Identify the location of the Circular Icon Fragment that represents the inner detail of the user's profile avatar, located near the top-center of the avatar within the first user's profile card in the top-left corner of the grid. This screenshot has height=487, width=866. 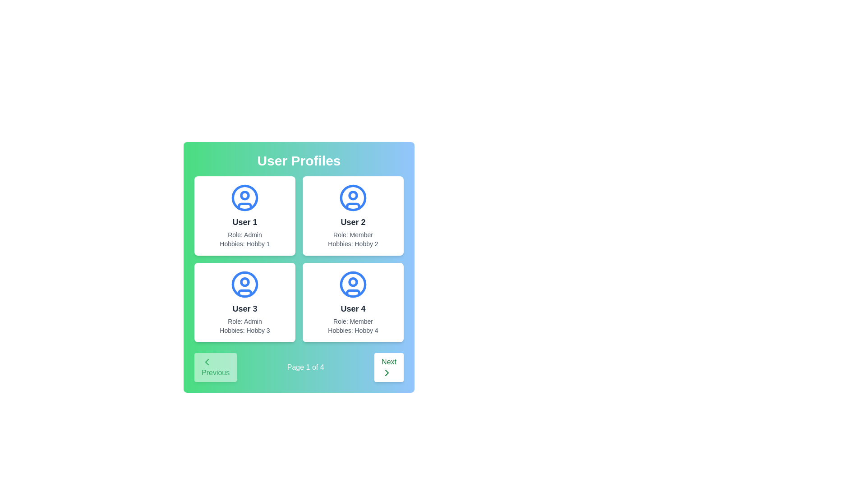
(244, 194).